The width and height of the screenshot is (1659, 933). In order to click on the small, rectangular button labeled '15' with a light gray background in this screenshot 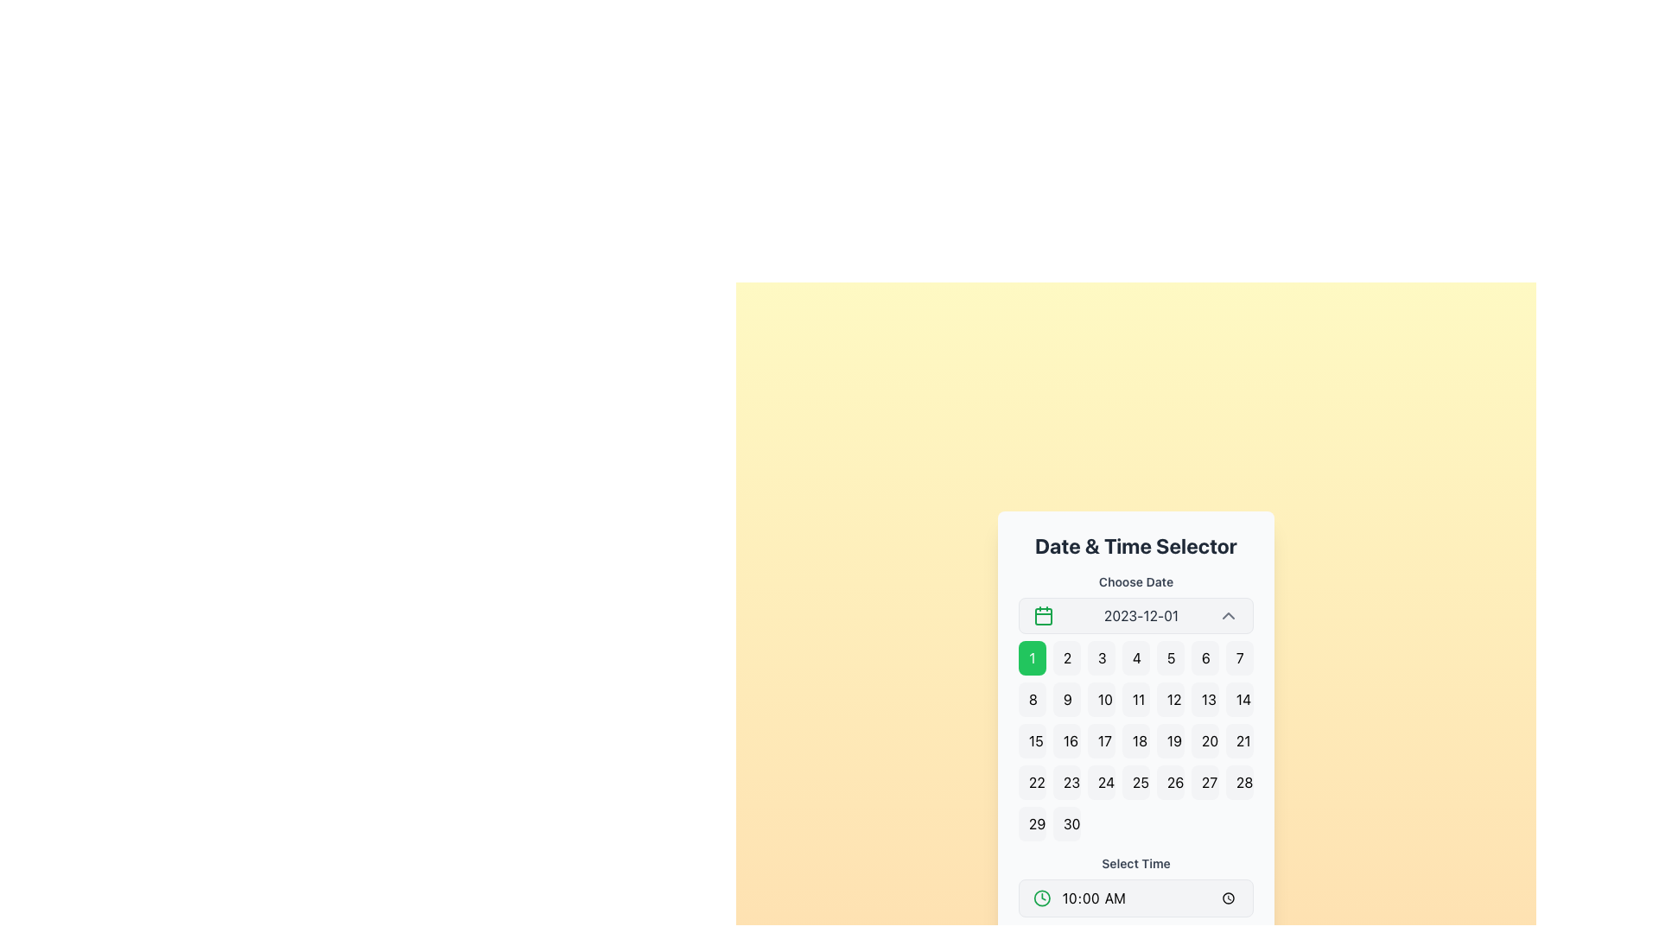, I will do `click(1033, 739)`.